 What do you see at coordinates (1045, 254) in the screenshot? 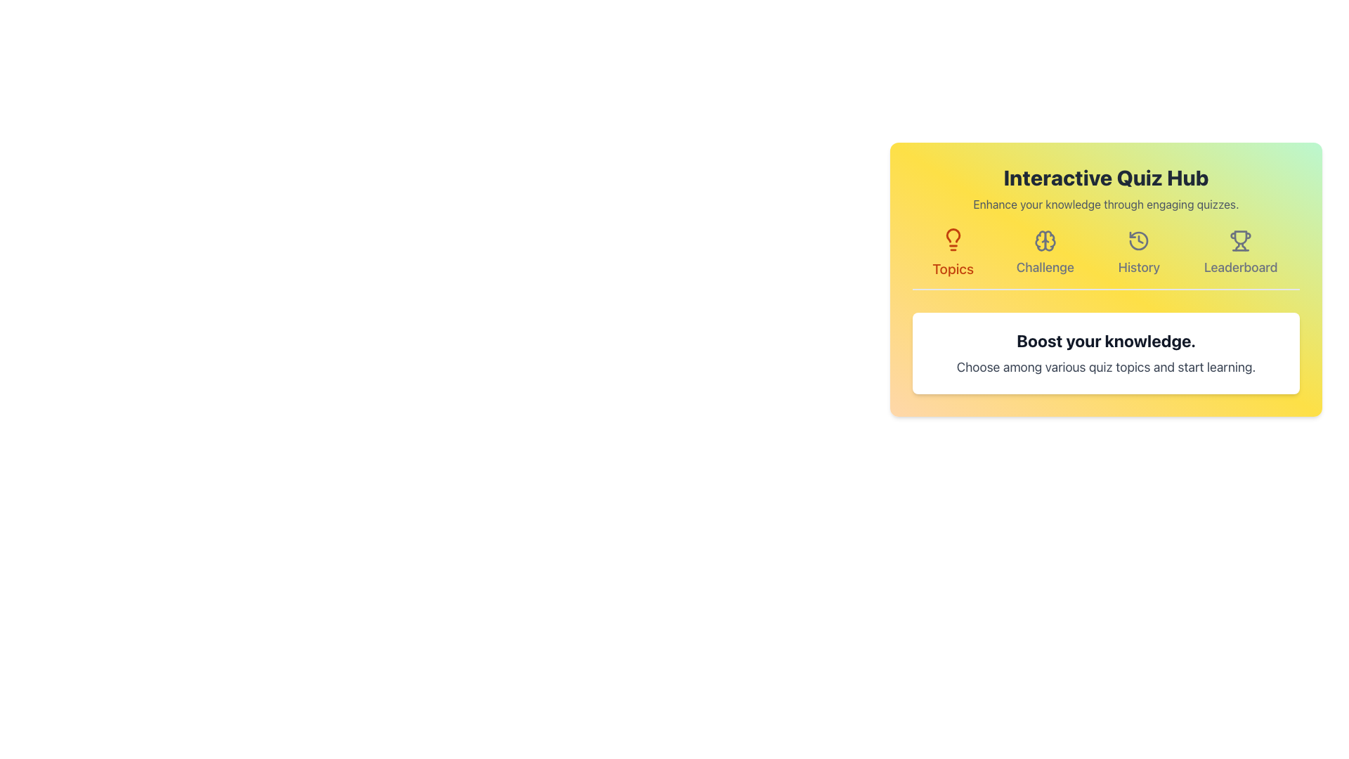
I see `the 'Challenge' IconButton, which is located in the second slot of the row of four items titled 'Topics', 'Challenge', 'History', and 'Leaderboard'` at bounding box center [1045, 254].